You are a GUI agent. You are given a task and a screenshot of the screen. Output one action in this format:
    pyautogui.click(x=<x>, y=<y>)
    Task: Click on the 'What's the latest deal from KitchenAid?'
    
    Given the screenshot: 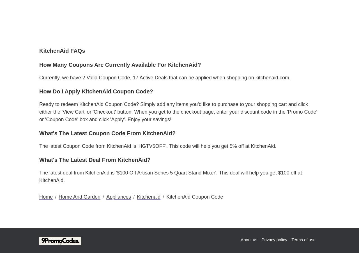 What is the action you would take?
    pyautogui.click(x=95, y=159)
    